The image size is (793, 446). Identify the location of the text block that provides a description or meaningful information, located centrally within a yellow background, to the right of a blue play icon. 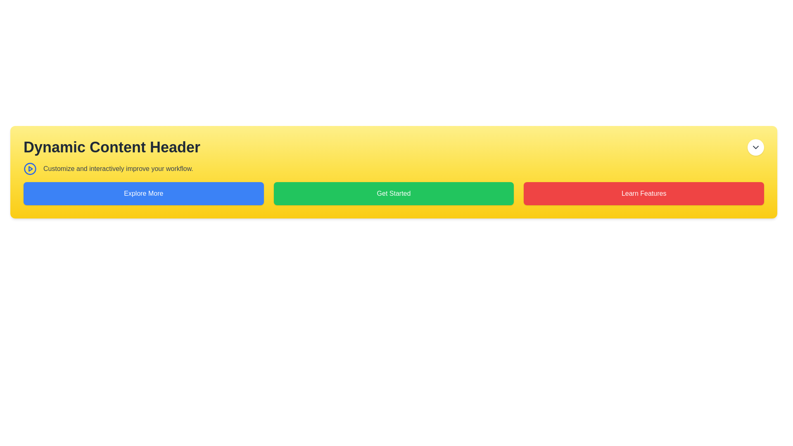
(118, 168).